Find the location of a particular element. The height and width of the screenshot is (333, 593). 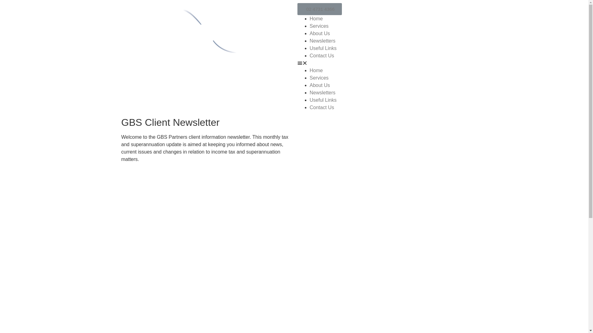

'Services' is located at coordinates (319, 26).